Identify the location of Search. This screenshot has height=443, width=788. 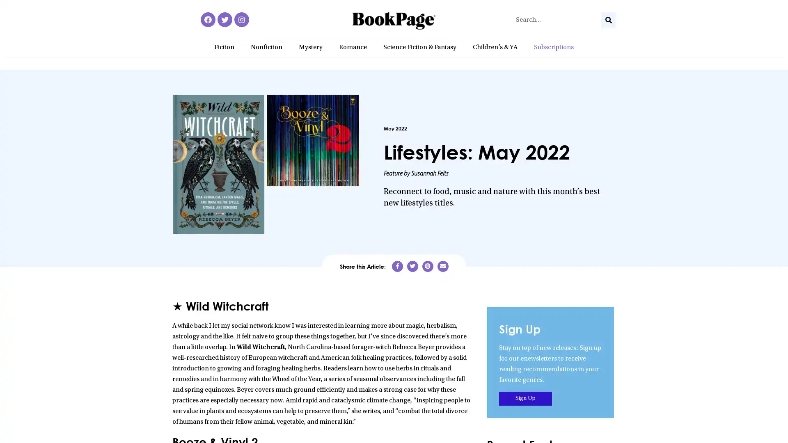
(608, 20).